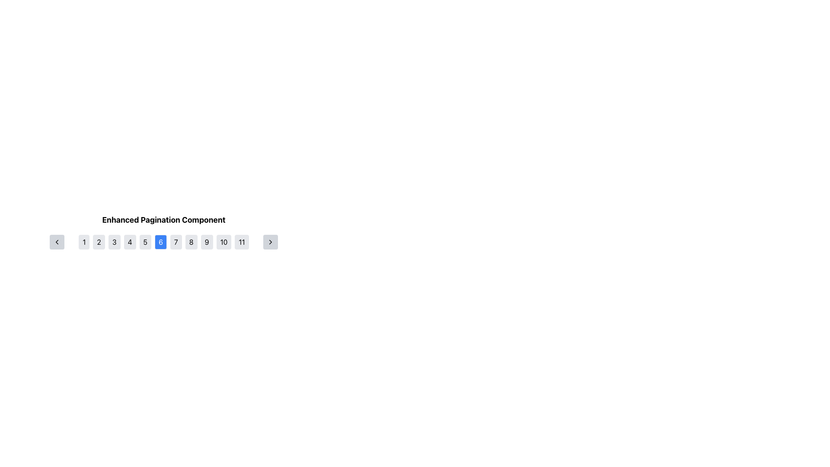 This screenshot has width=830, height=467. Describe the element at coordinates (164, 242) in the screenshot. I see `the sixth interactive button in the pagination bar below the 'Enhanced Pagination Component' header` at that location.